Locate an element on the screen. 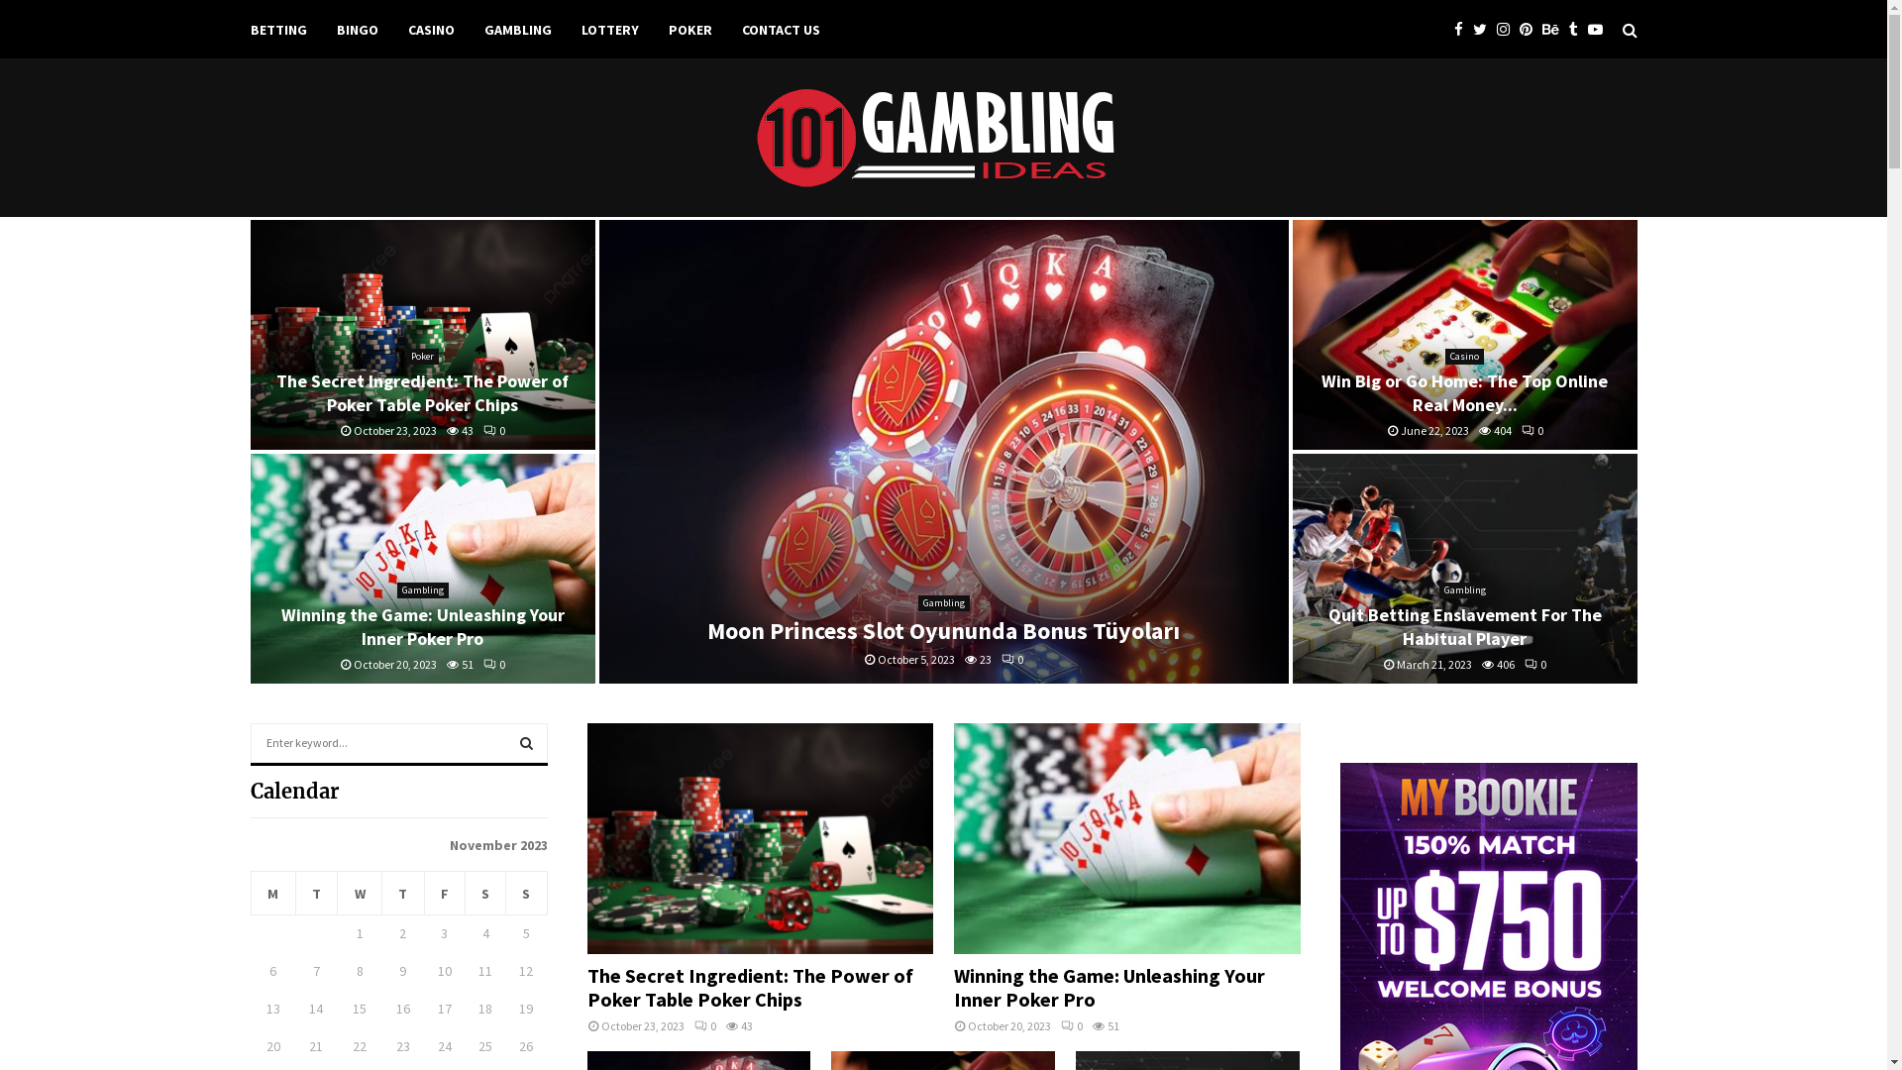 The height and width of the screenshot is (1070, 1902). 'GAMBLING' is located at coordinates (517, 30).